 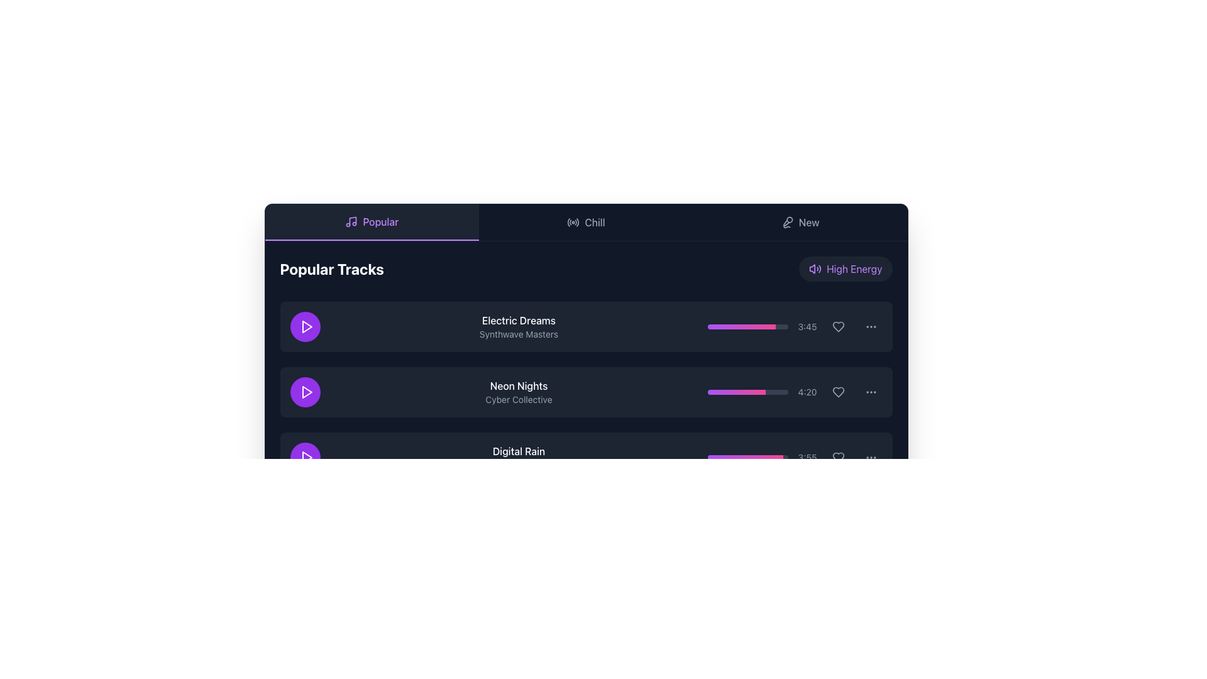 What do you see at coordinates (519, 450) in the screenshot?
I see `the text label that serves as the title of a track or item` at bounding box center [519, 450].